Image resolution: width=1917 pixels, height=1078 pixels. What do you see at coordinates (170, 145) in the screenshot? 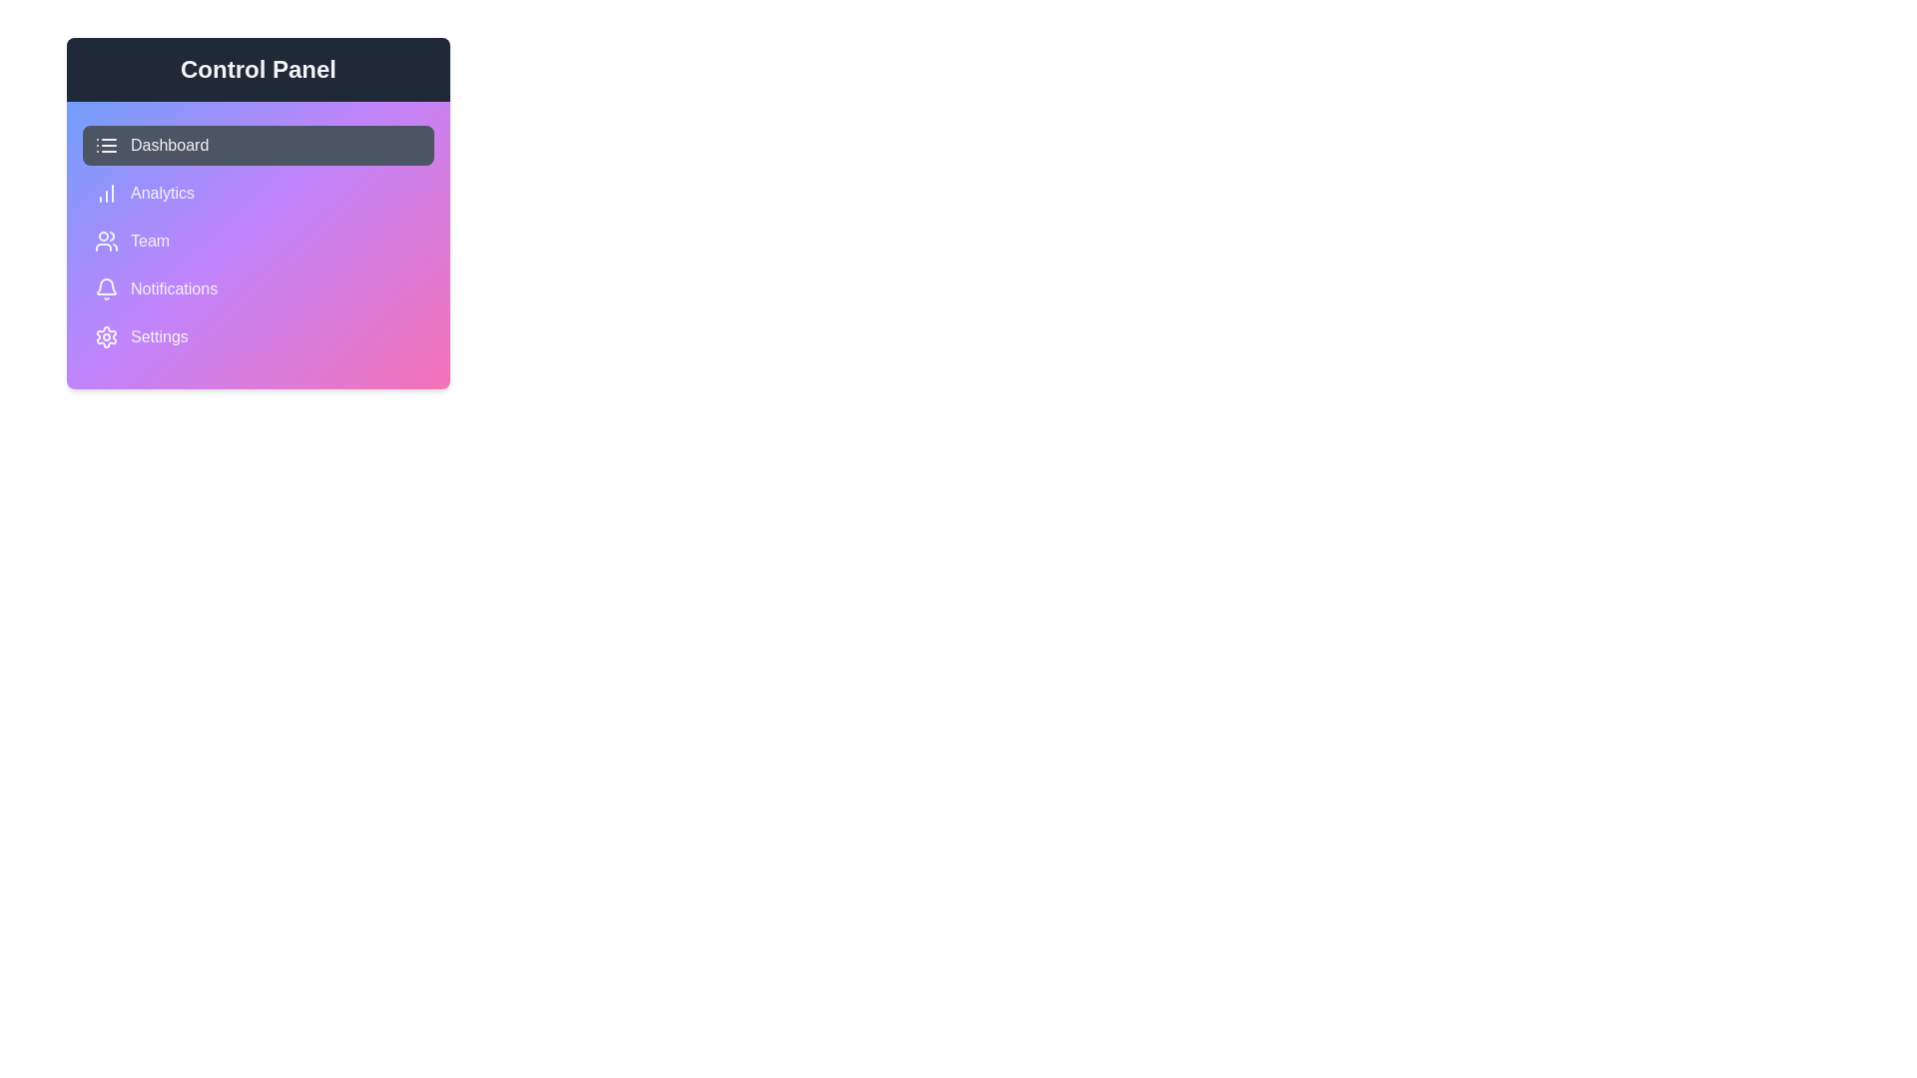
I see `the 'Dashboard' label in the vertical navigation menu located at the left side of the control panel` at bounding box center [170, 145].